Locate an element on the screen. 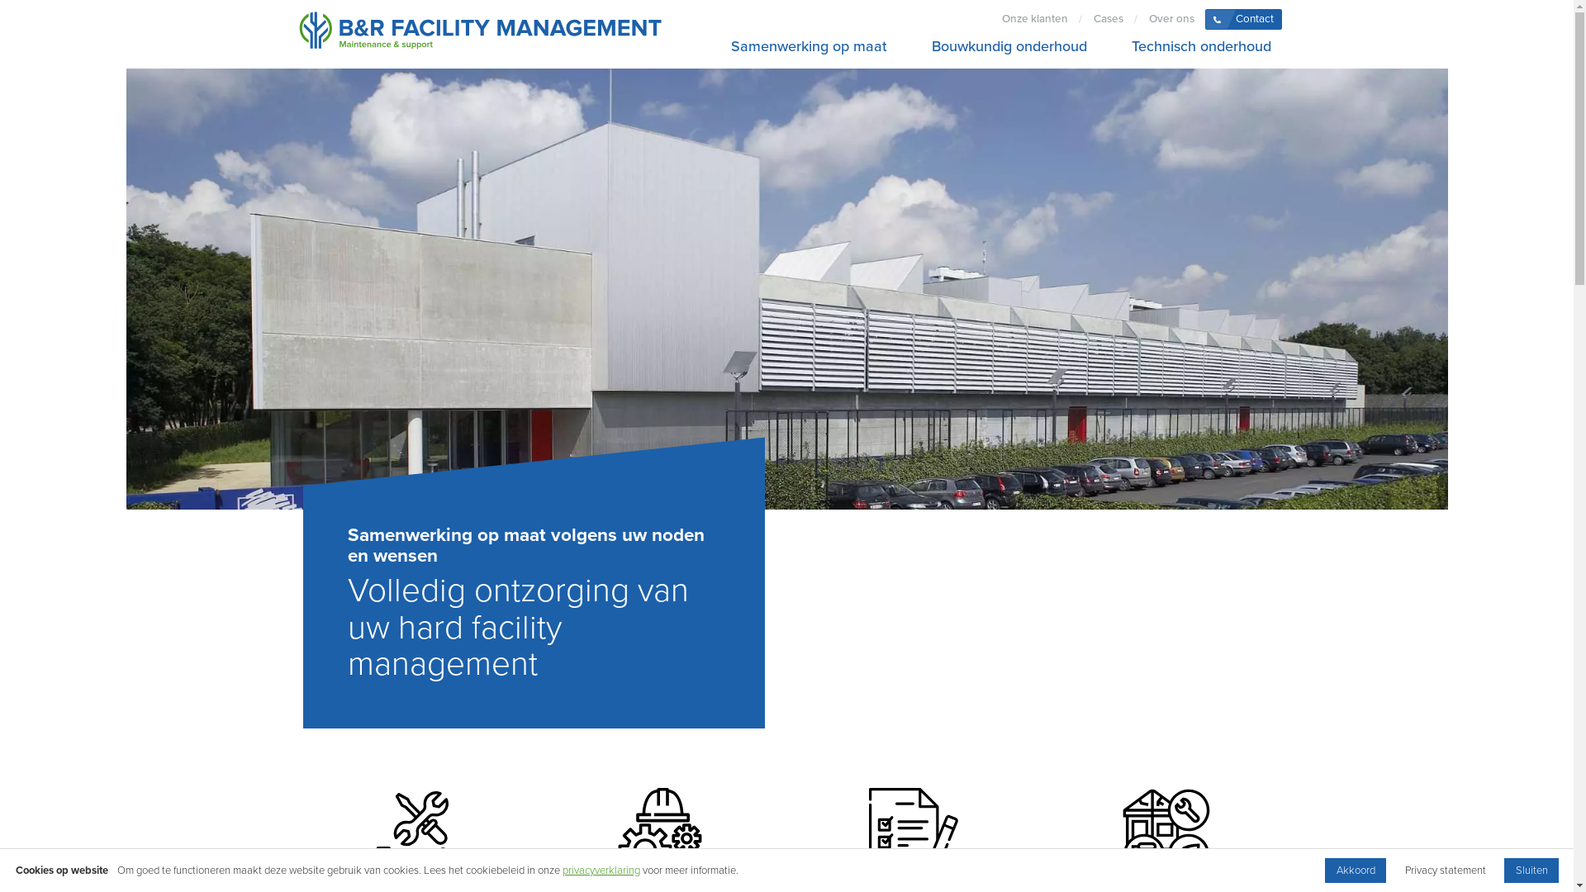  'Samenwerking op maat' is located at coordinates (809, 45).